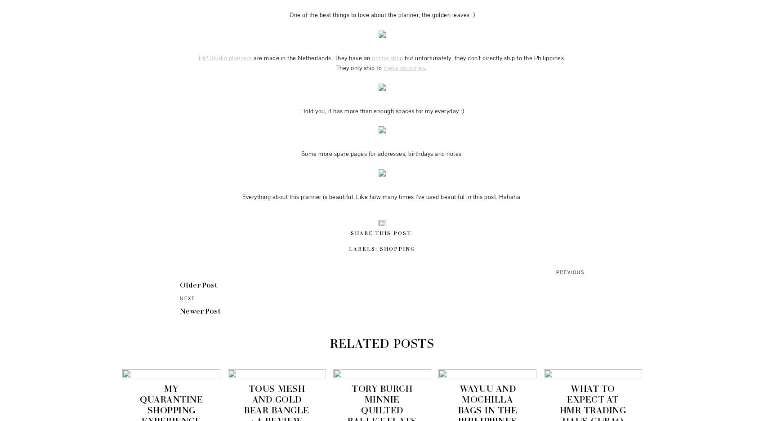 This screenshot has height=421, width=768. What do you see at coordinates (299, 110) in the screenshot?
I see `'I told you, it has more than enough spaces for my everyday :)'` at bounding box center [299, 110].